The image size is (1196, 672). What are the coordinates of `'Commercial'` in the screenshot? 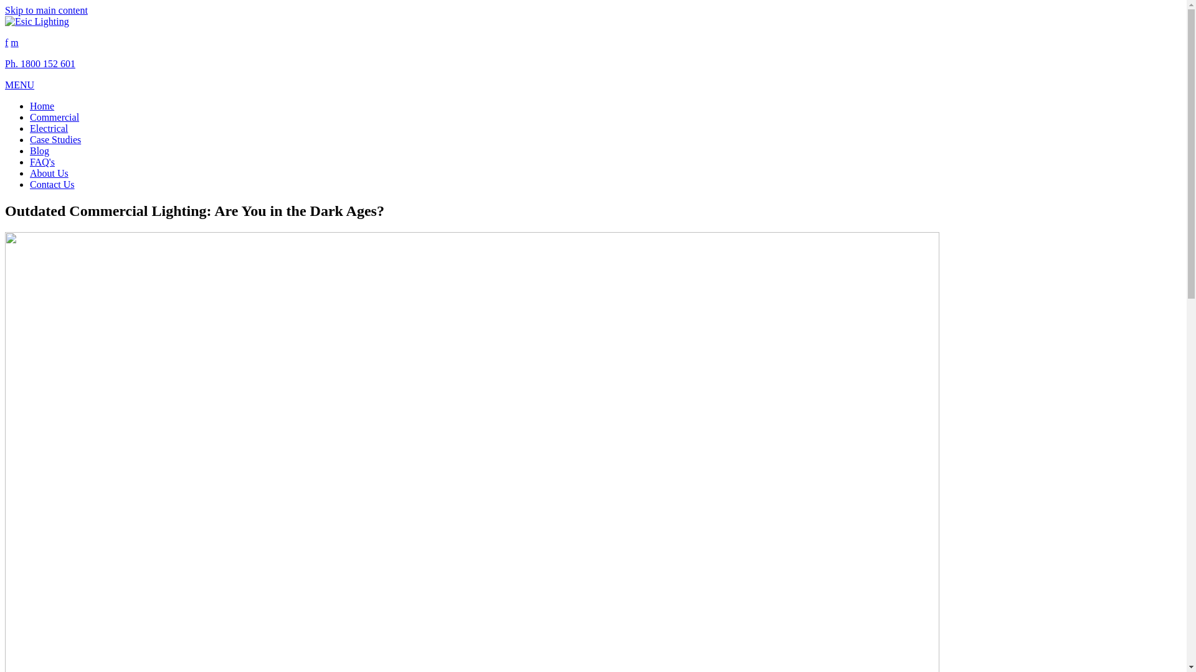 It's located at (54, 117).